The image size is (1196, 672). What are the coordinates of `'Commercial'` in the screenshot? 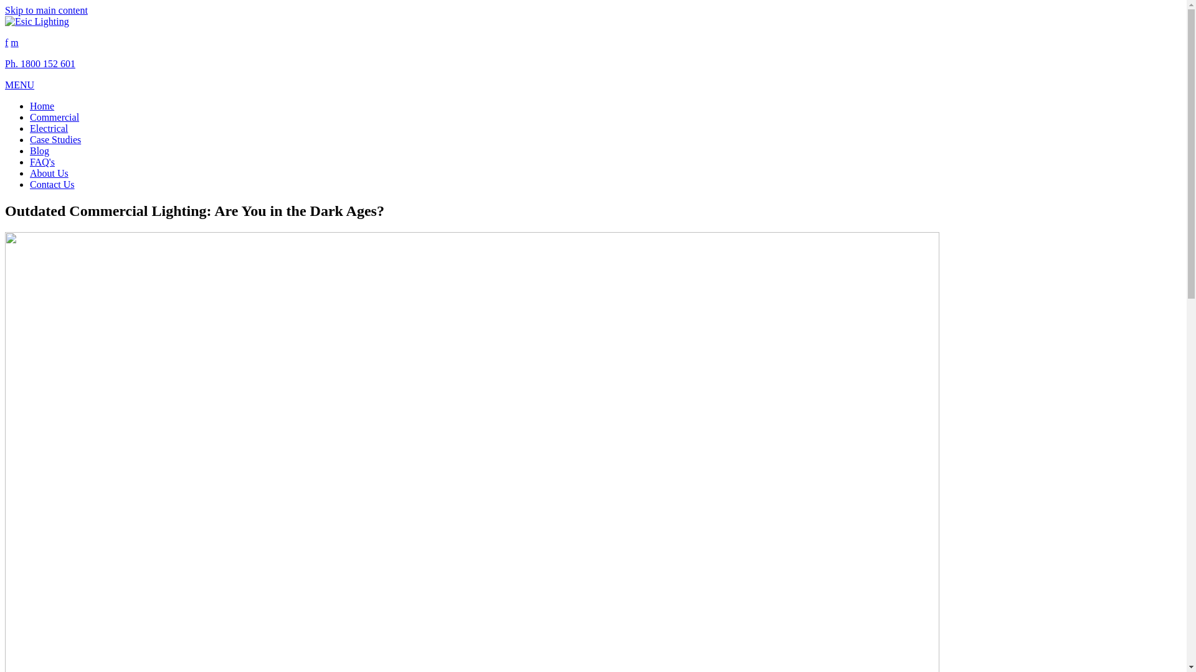 It's located at (54, 117).